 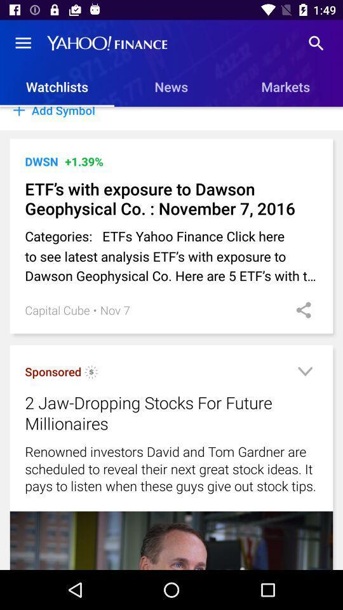 What do you see at coordinates (171, 255) in the screenshot?
I see `the categories etfs yahoo` at bounding box center [171, 255].